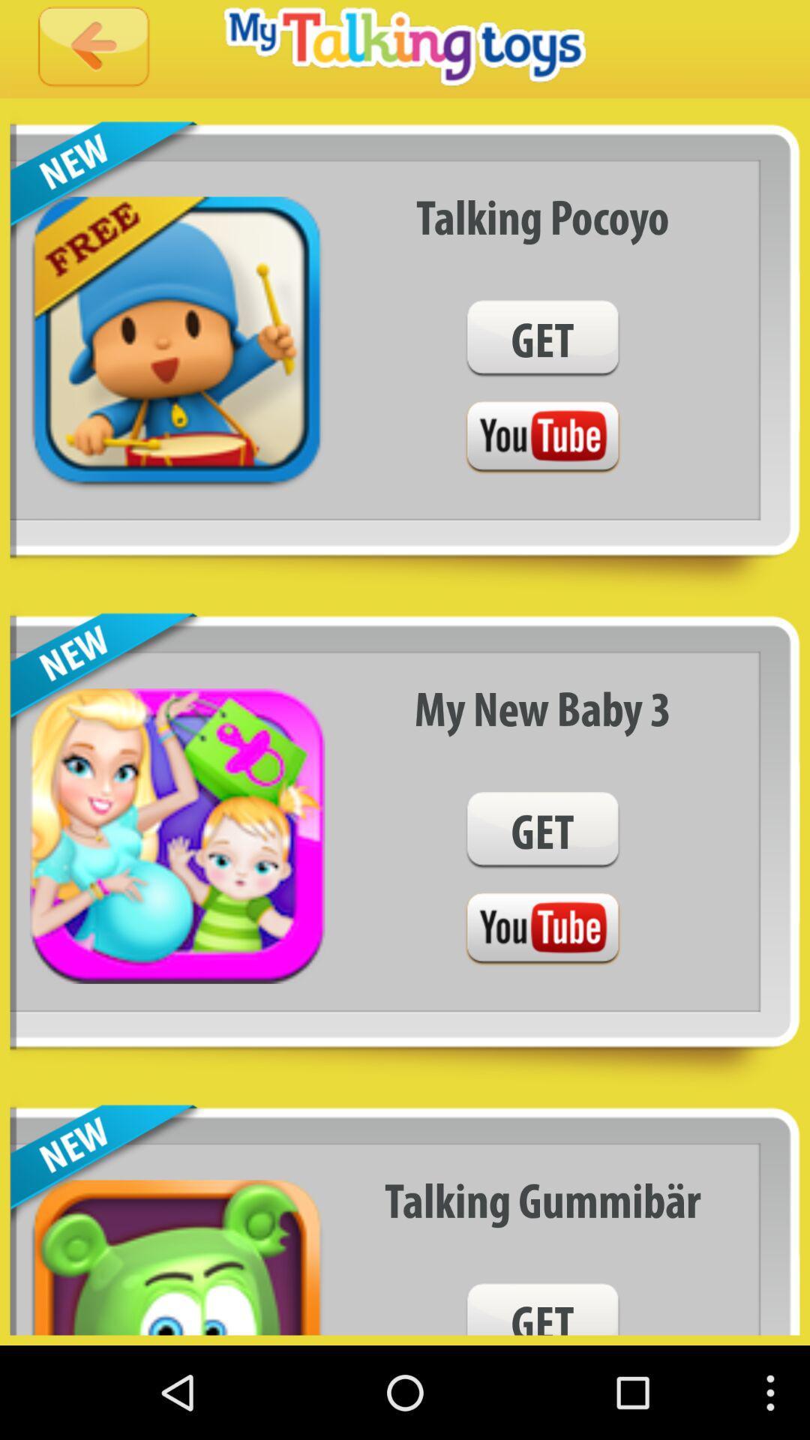 This screenshot has width=810, height=1440. Describe the element at coordinates (94, 52) in the screenshot. I see `the arrow_backward icon` at that location.